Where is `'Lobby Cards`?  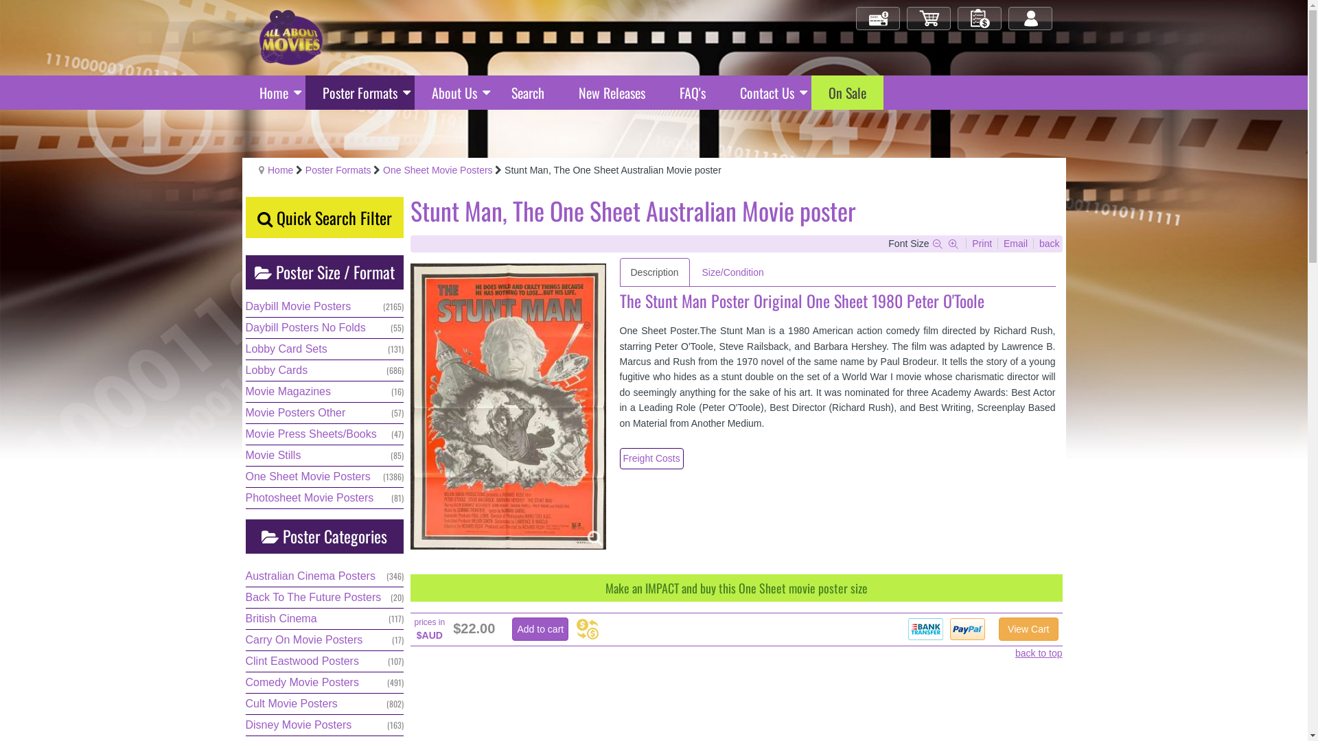 'Lobby Cards is located at coordinates (246, 370).